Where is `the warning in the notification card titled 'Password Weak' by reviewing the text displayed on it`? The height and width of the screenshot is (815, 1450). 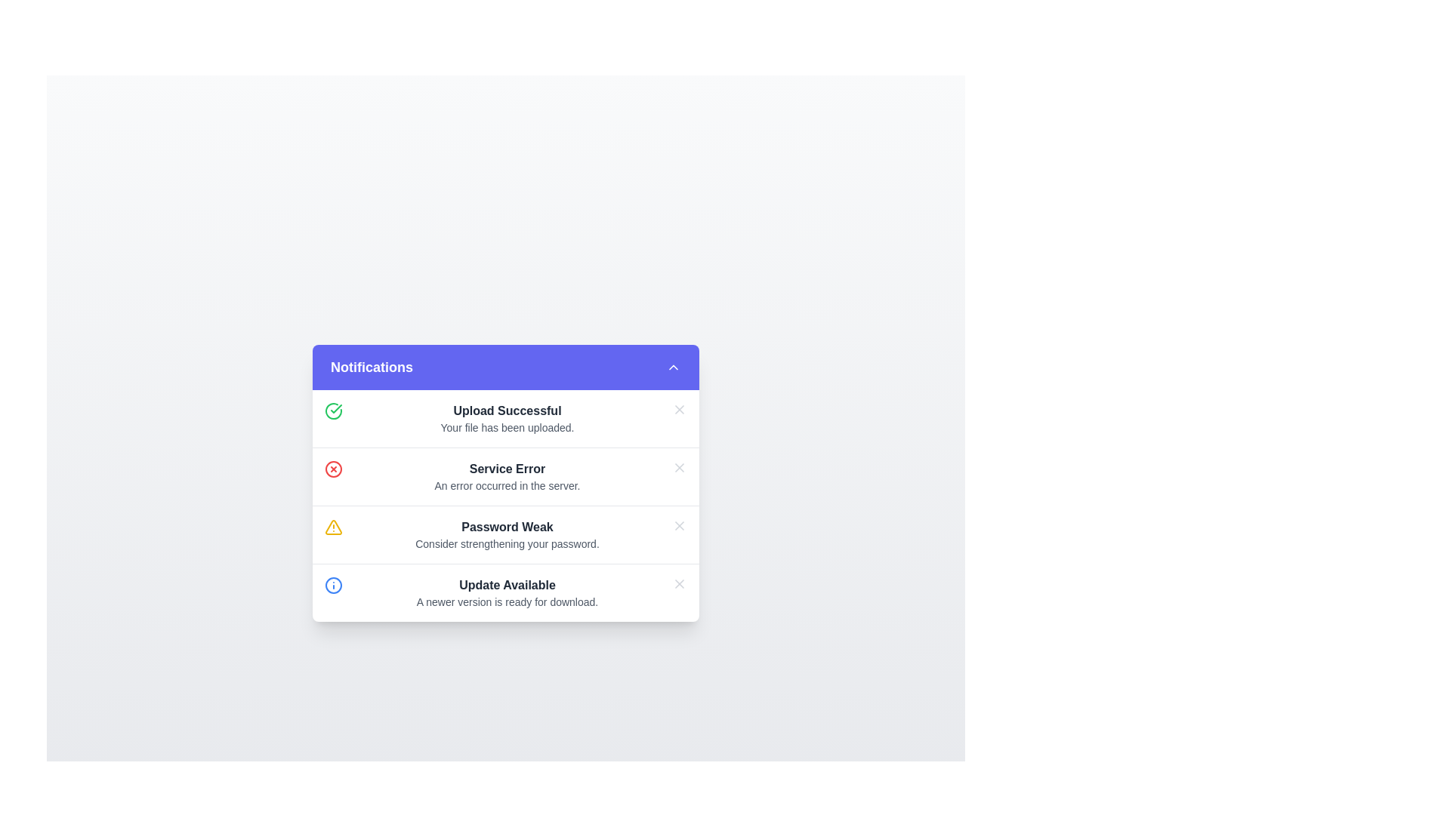 the warning in the notification card titled 'Password Weak' by reviewing the text displayed on it is located at coordinates (506, 534).